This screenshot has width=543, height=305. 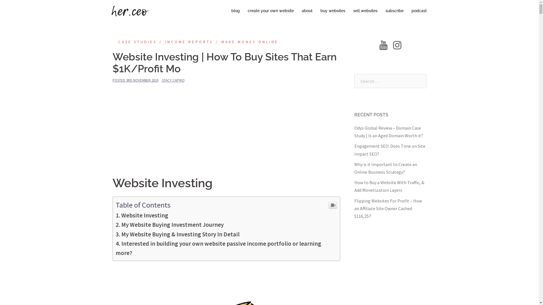 What do you see at coordinates (270, 11) in the screenshot?
I see `'create your own website'` at bounding box center [270, 11].